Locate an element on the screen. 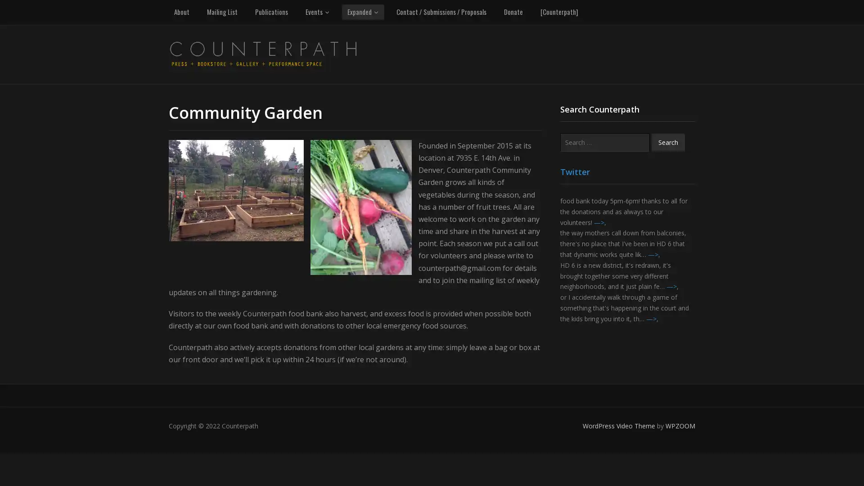  Search is located at coordinates (668, 142).